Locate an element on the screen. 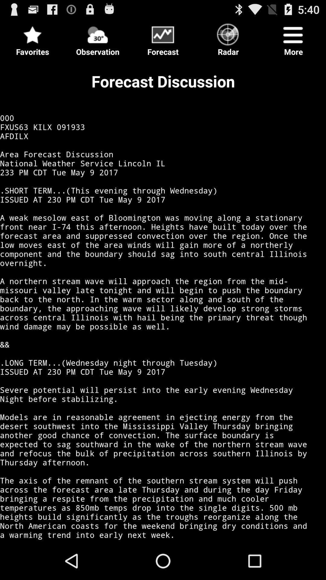  icon to the left of the more item is located at coordinates (228, 37).